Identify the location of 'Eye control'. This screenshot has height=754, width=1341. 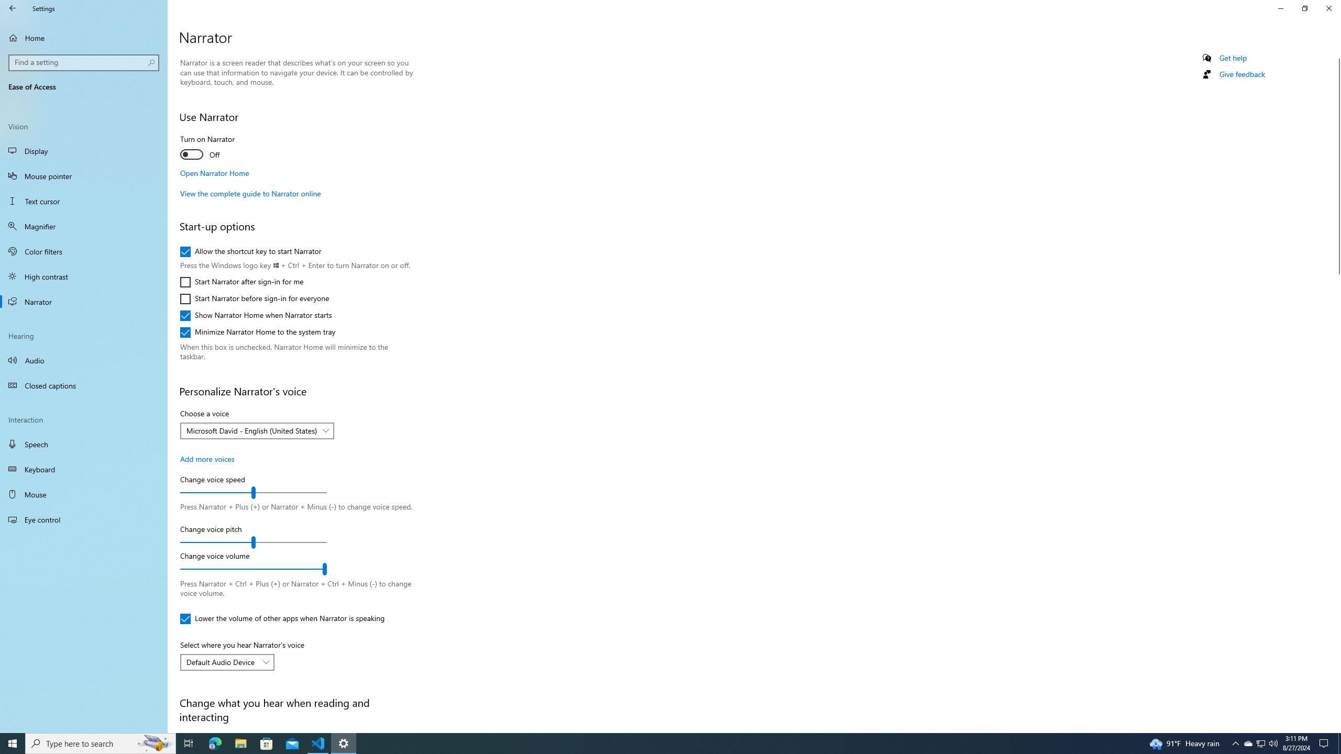
(83, 519).